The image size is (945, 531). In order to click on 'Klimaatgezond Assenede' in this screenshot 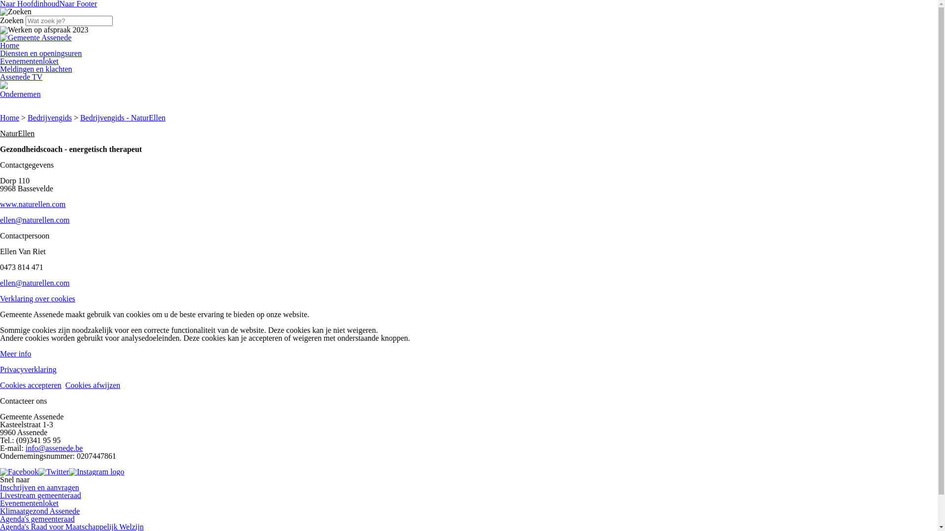, I will do `click(39, 510)`.